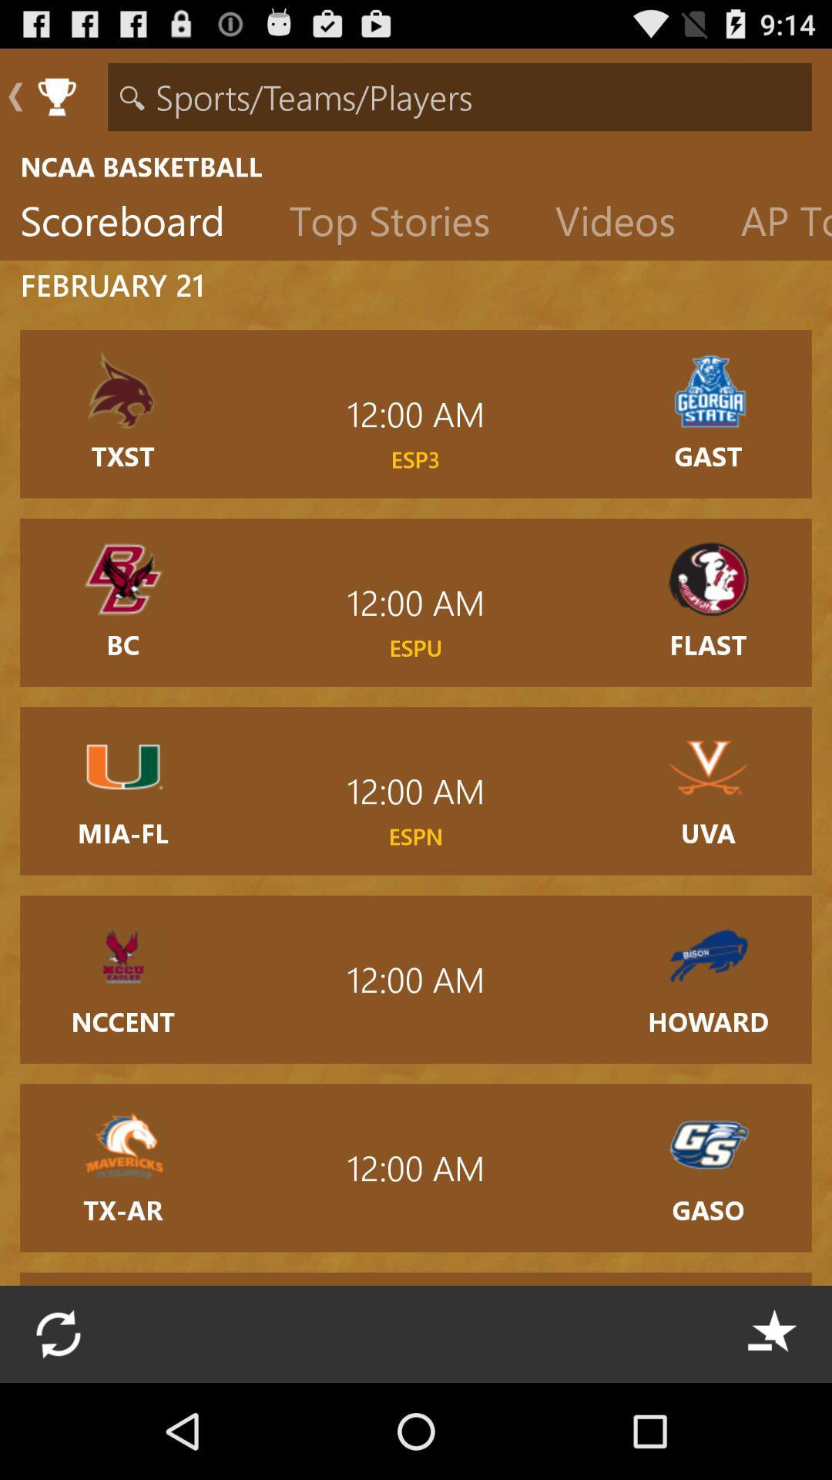 The image size is (832, 1480). Describe the element at coordinates (459, 96) in the screenshot. I see `type in a search` at that location.